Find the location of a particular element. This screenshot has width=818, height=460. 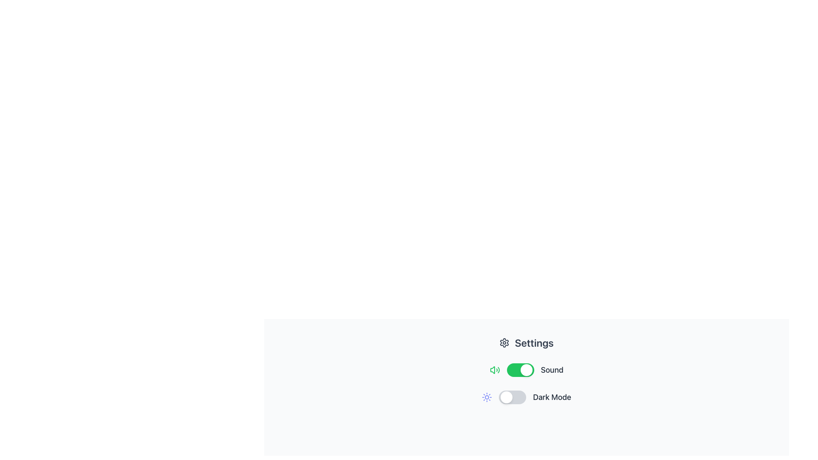

the circular, white-colored toggle handle within the green 'Sound' toggle switch from the active position is located at coordinates (526, 369).